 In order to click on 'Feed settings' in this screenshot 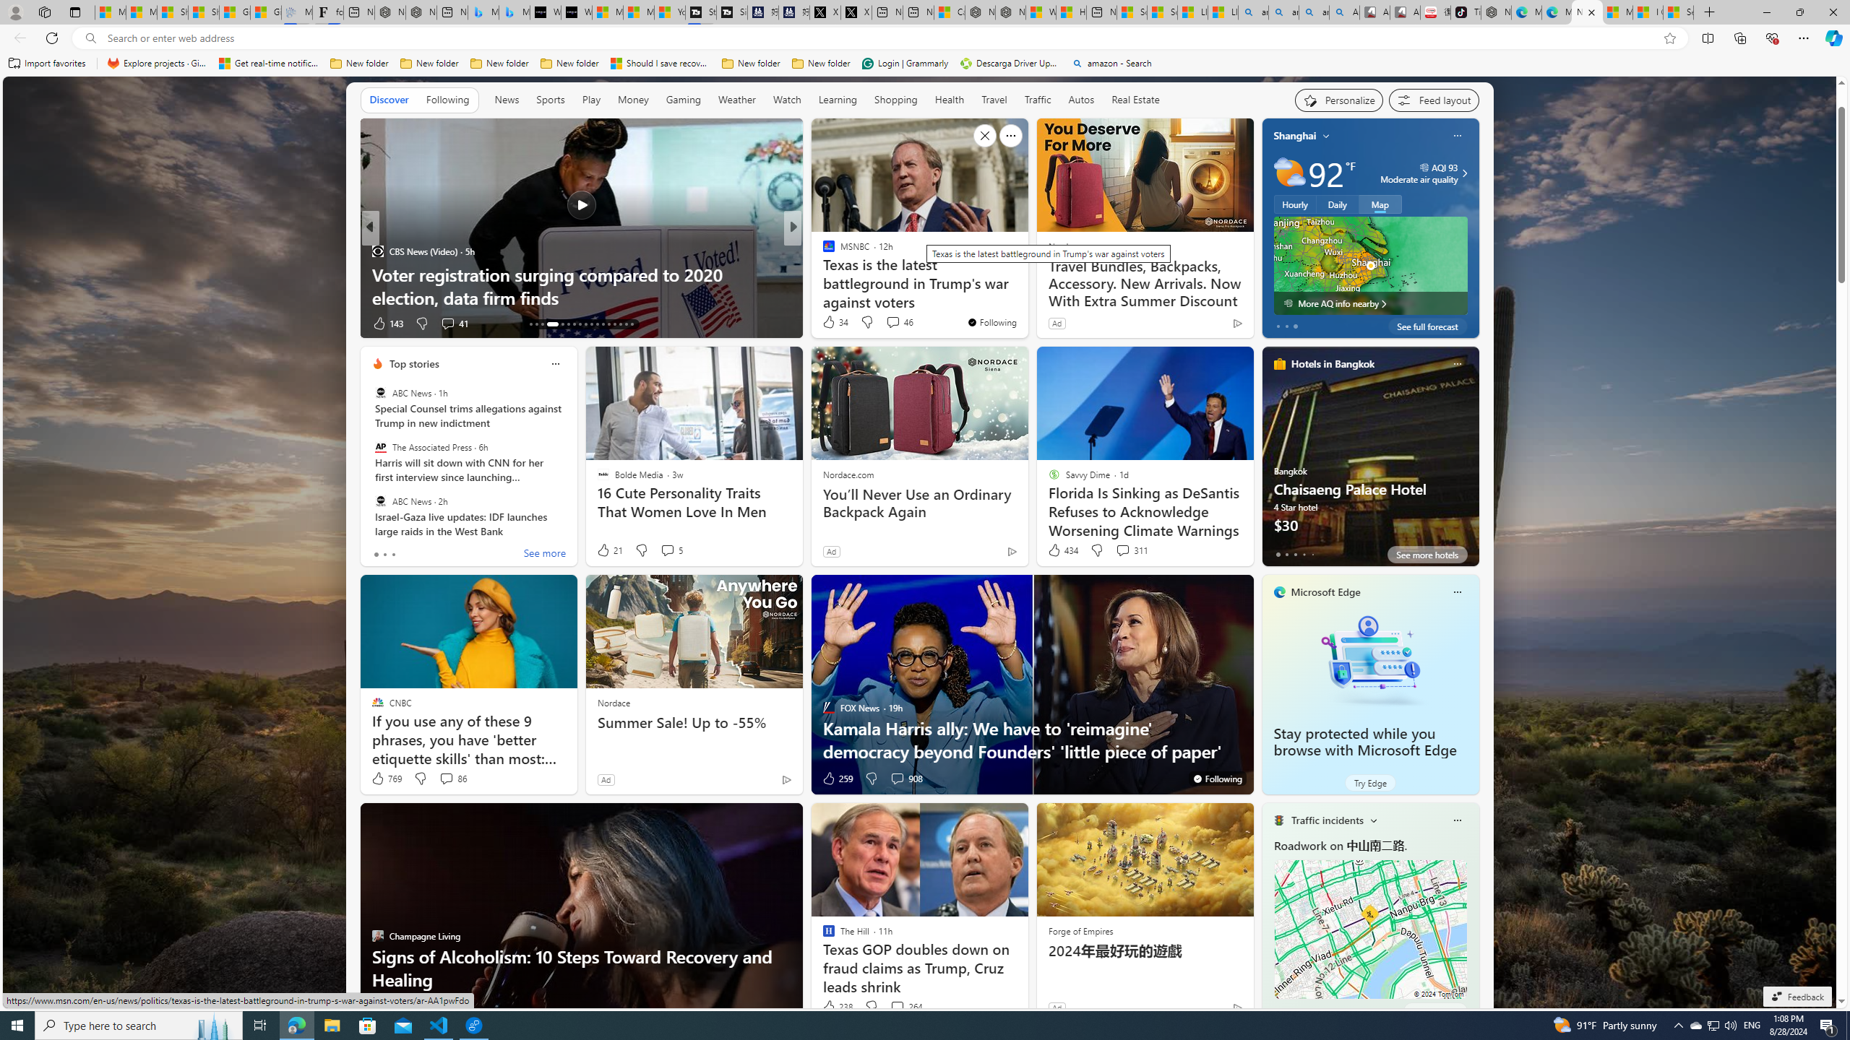, I will do `click(1434, 99)`.